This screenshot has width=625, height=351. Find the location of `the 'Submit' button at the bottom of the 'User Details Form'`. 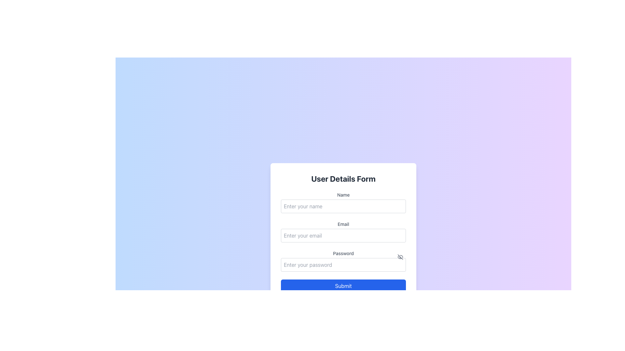

the 'Submit' button at the bottom of the 'User Details Form' is located at coordinates (343, 285).